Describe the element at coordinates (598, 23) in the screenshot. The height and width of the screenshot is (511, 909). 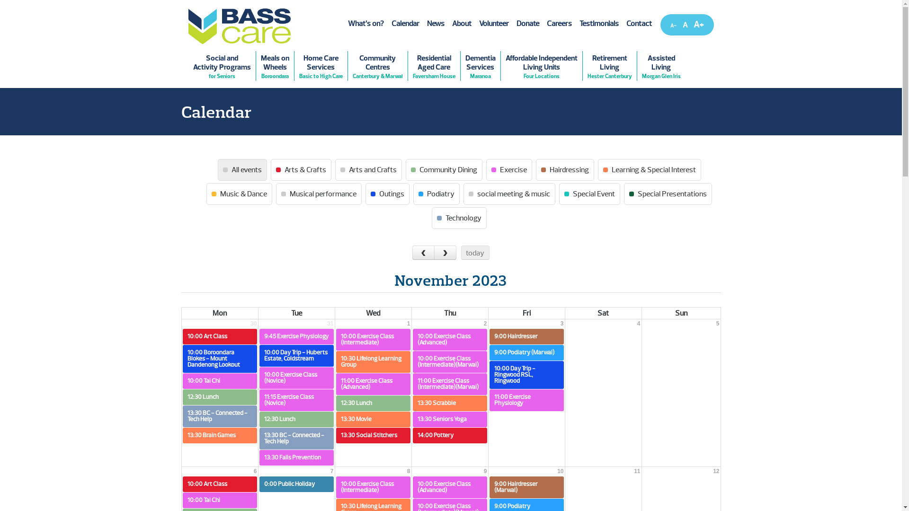
I see `'Testimonials'` at that location.